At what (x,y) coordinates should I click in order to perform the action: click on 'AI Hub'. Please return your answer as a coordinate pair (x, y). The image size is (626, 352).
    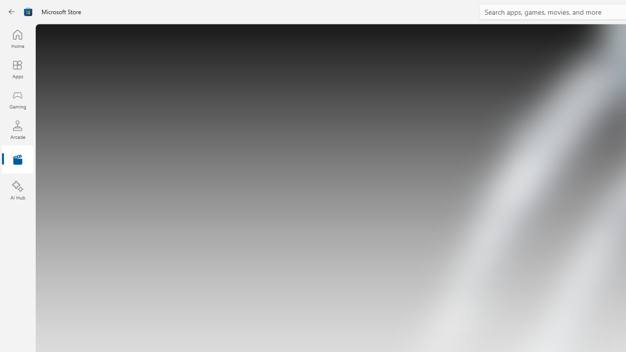
    Looking at the image, I should click on (17, 191).